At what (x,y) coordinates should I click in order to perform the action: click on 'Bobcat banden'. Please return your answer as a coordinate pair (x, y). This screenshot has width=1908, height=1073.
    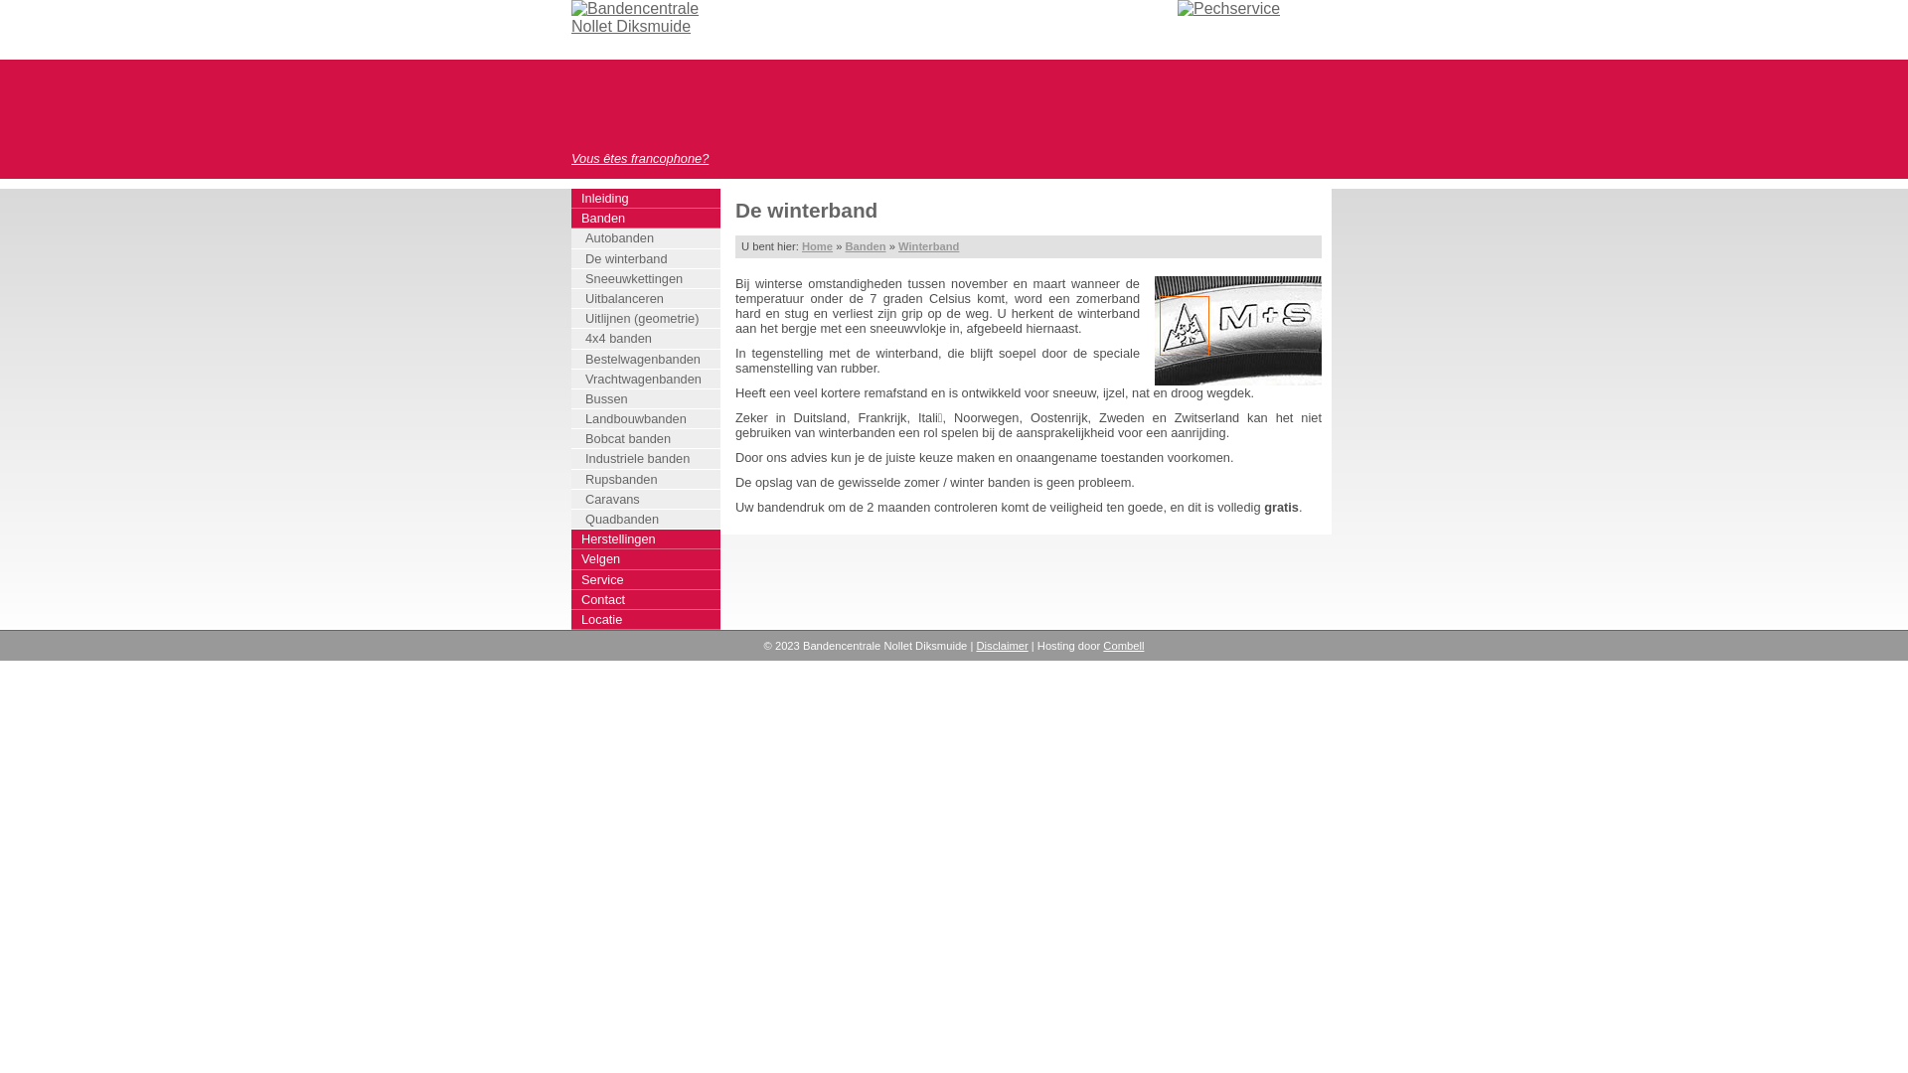
    Looking at the image, I should click on (648, 438).